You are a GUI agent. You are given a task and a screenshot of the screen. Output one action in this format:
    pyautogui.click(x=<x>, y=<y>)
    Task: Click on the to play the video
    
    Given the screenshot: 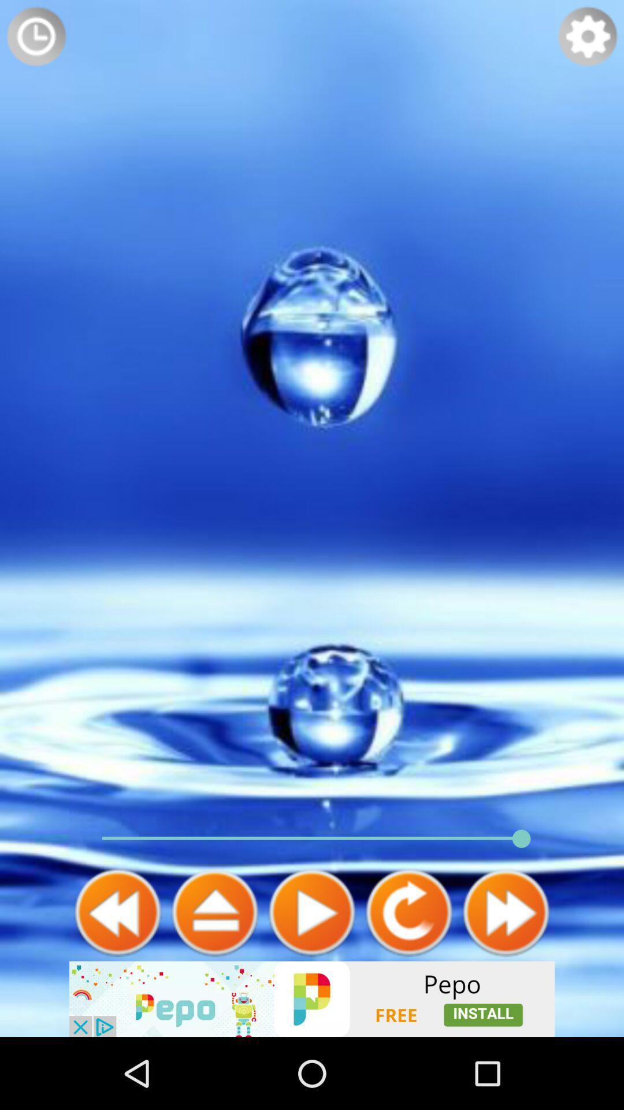 What is the action you would take?
    pyautogui.click(x=312, y=912)
    